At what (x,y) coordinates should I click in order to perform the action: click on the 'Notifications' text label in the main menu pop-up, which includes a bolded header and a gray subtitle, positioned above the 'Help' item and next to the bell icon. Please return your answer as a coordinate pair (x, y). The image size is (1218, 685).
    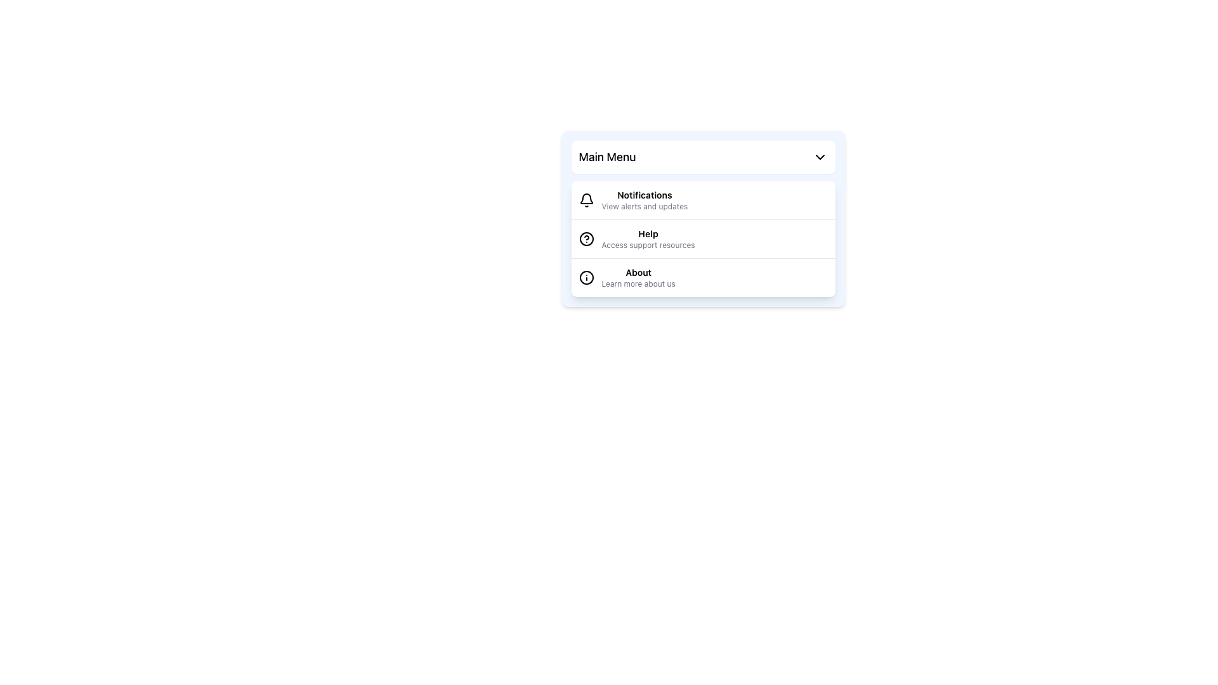
    Looking at the image, I should click on (645, 200).